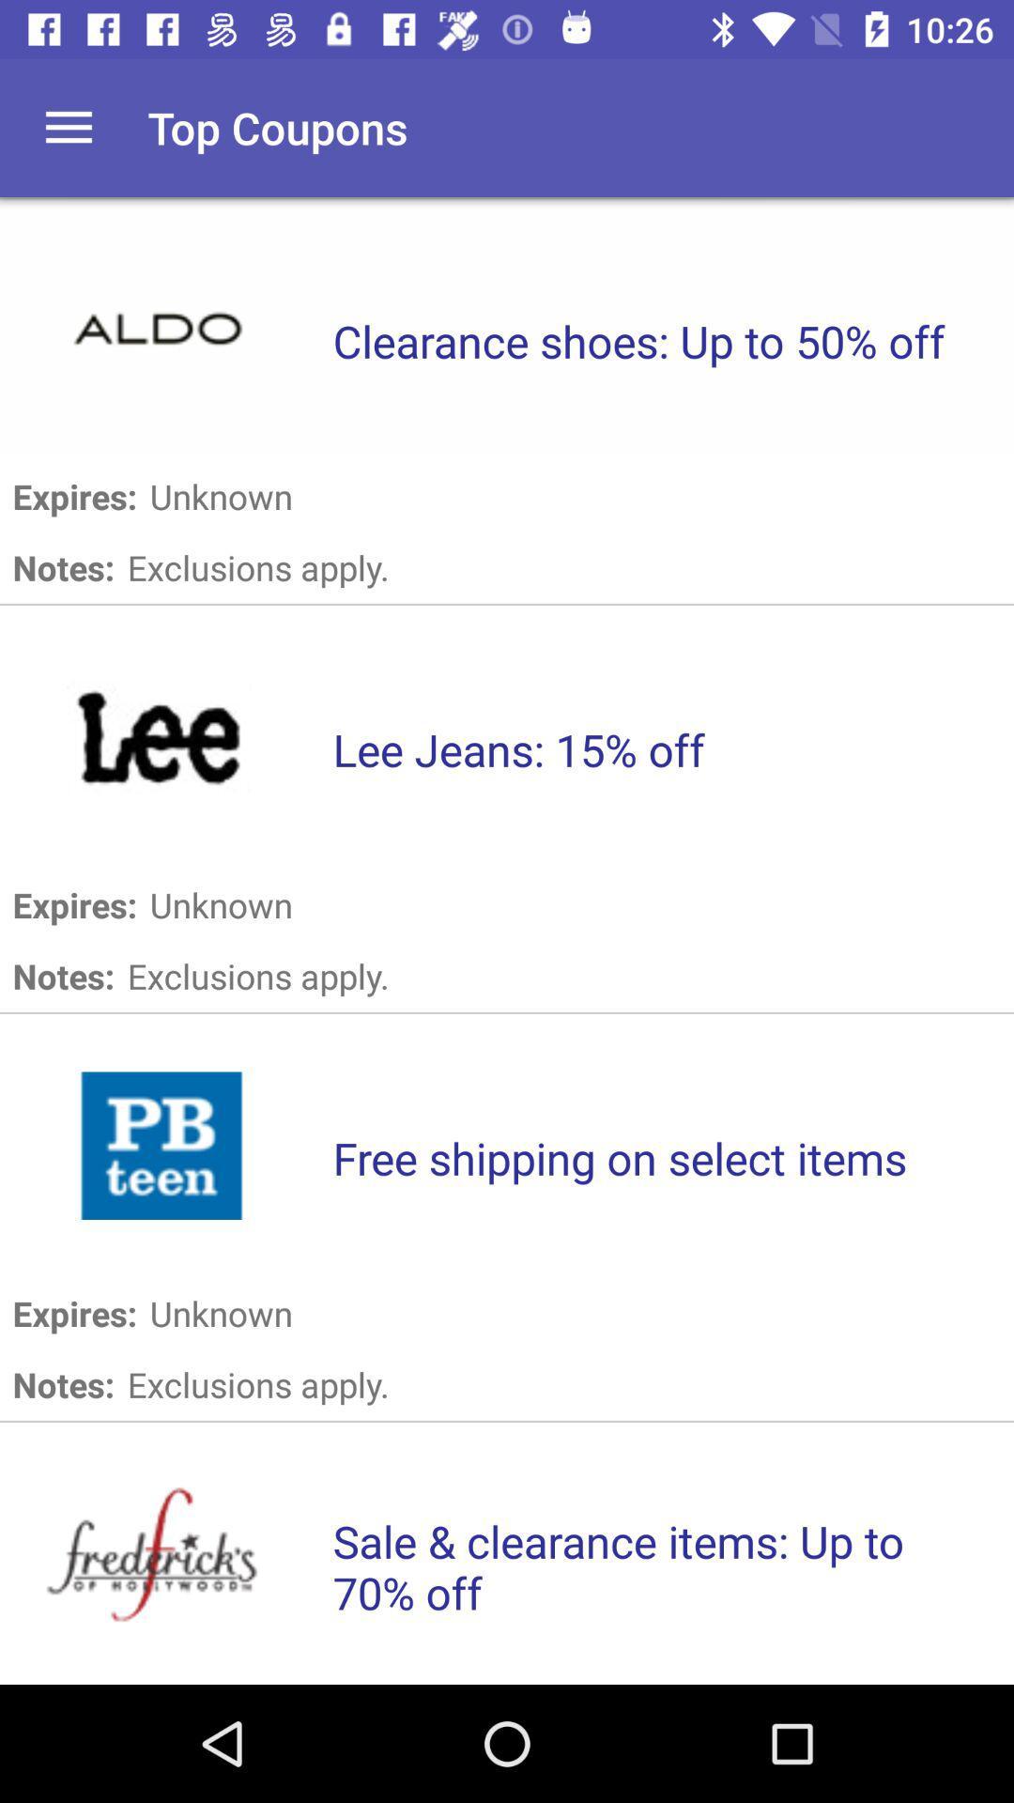 Image resolution: width=1014 pixels, height=1803 pixels. Describe the element at coordinates (68, 127) in the screenshot. I see `button to open up main menu` at that location.